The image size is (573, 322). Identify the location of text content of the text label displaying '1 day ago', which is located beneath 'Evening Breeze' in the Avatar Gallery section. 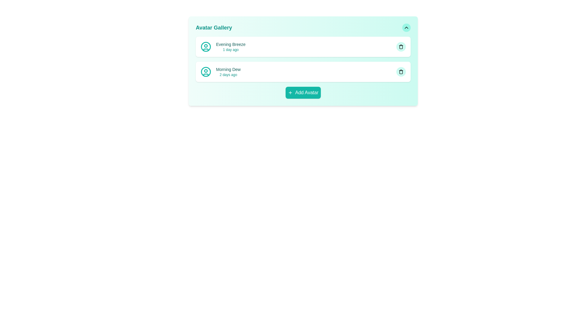
(230, 49).